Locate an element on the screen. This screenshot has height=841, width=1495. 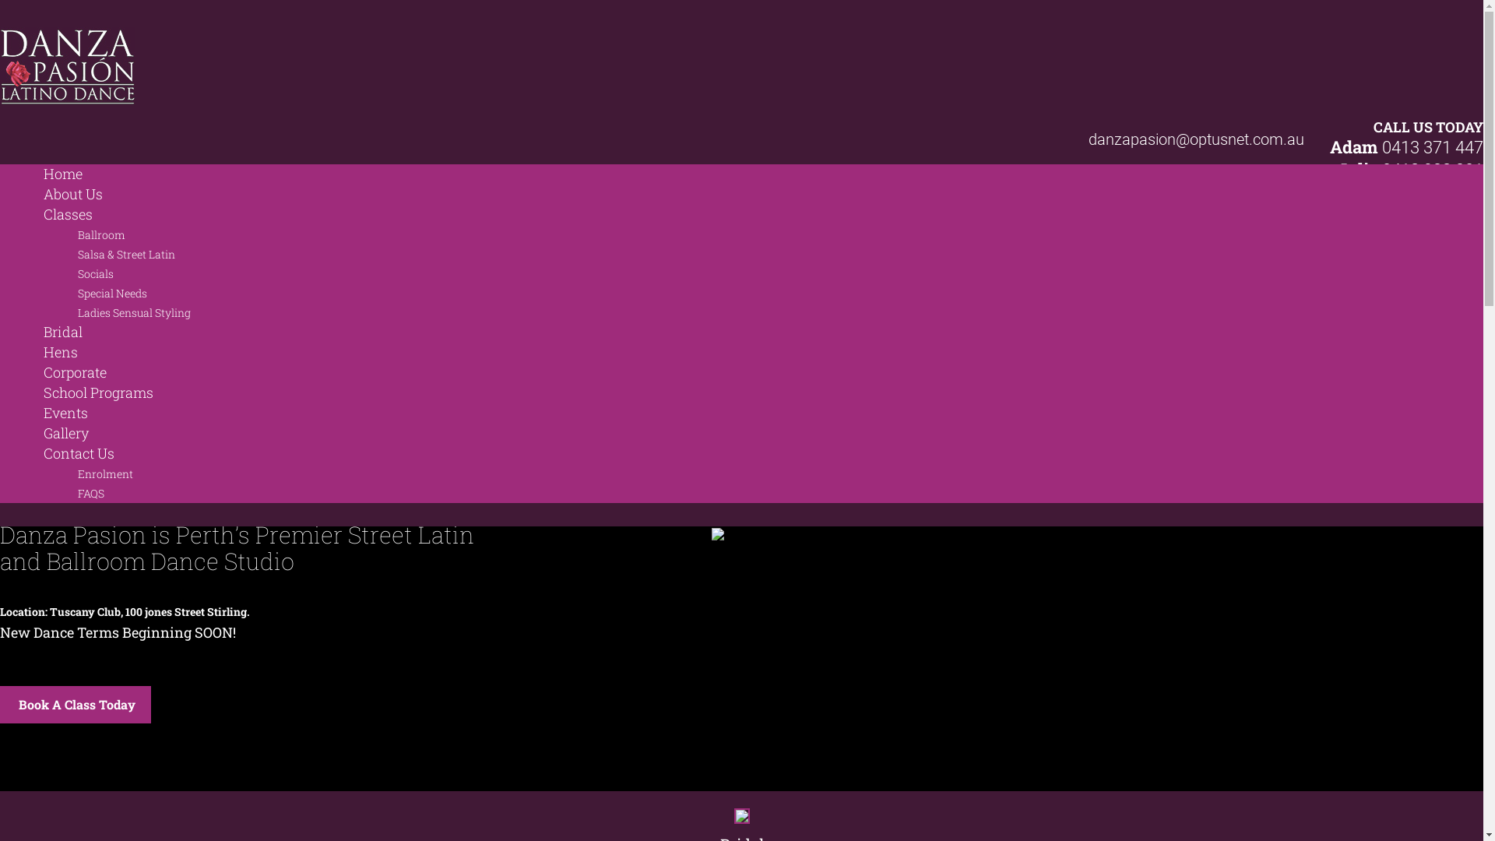
'Classes' is located at coordinates (67, 213).